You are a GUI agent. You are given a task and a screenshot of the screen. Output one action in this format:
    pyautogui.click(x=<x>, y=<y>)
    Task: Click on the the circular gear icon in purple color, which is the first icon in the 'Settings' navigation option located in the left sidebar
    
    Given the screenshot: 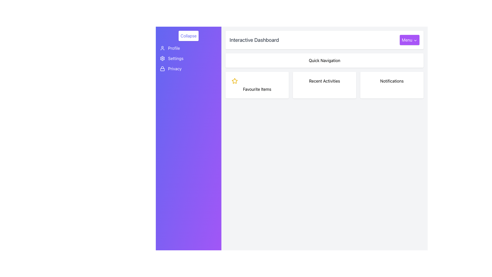 What is the action you would take?
    pyautogui.click(x=162, y=58)
    